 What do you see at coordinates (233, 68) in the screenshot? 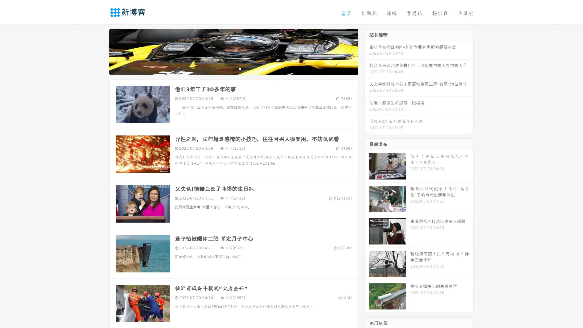
I see `Go to slide 2` at bounding box center [233, 68].